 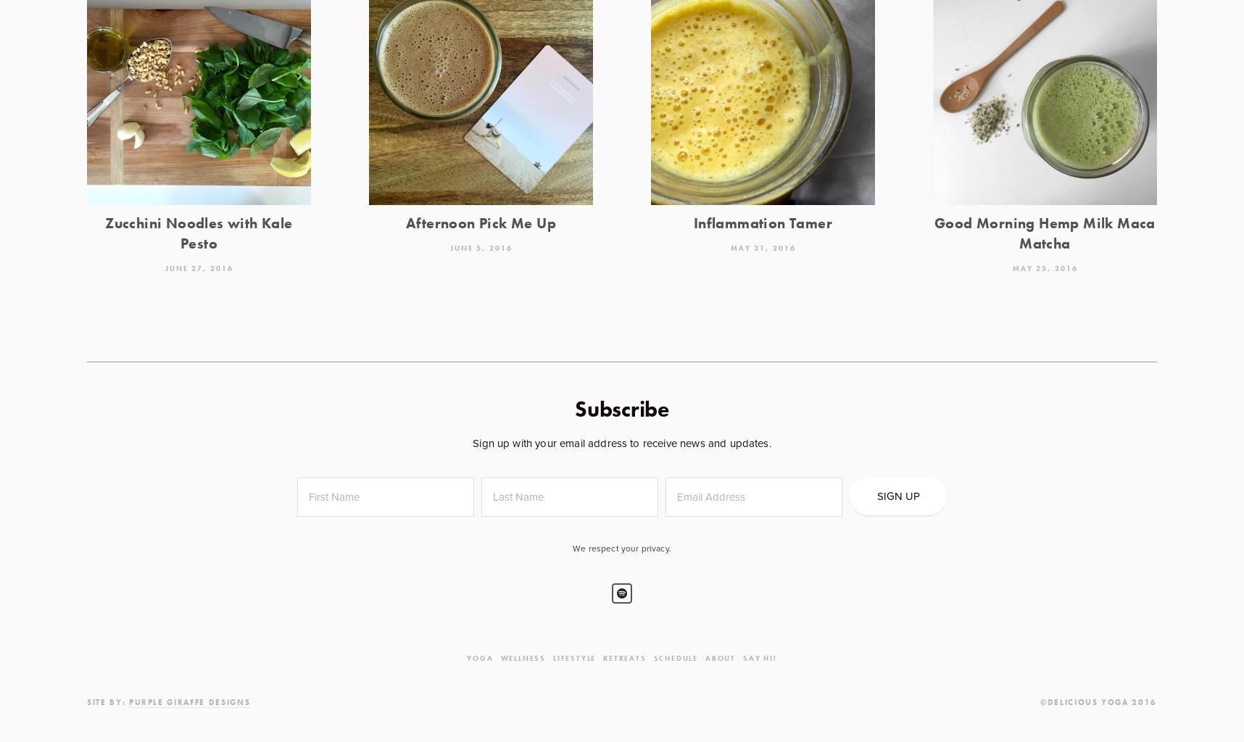 What do you see at coordinates (763, 222) in the screenshot?
I see `'Inflammation Tamer'` at bounding box center [763, 222].